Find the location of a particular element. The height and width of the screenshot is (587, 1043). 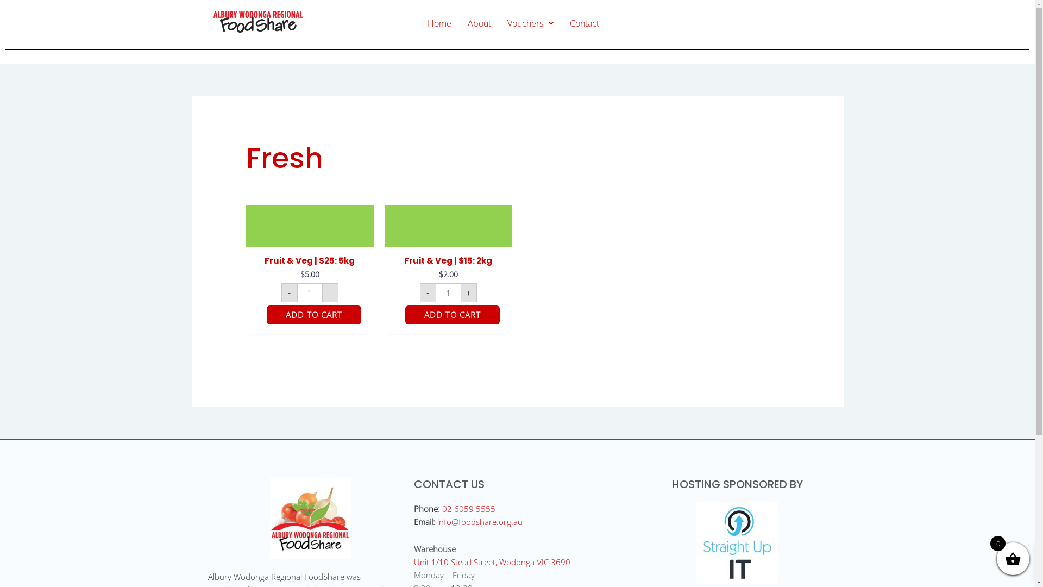

'About' is located at coordinates (479, 23).